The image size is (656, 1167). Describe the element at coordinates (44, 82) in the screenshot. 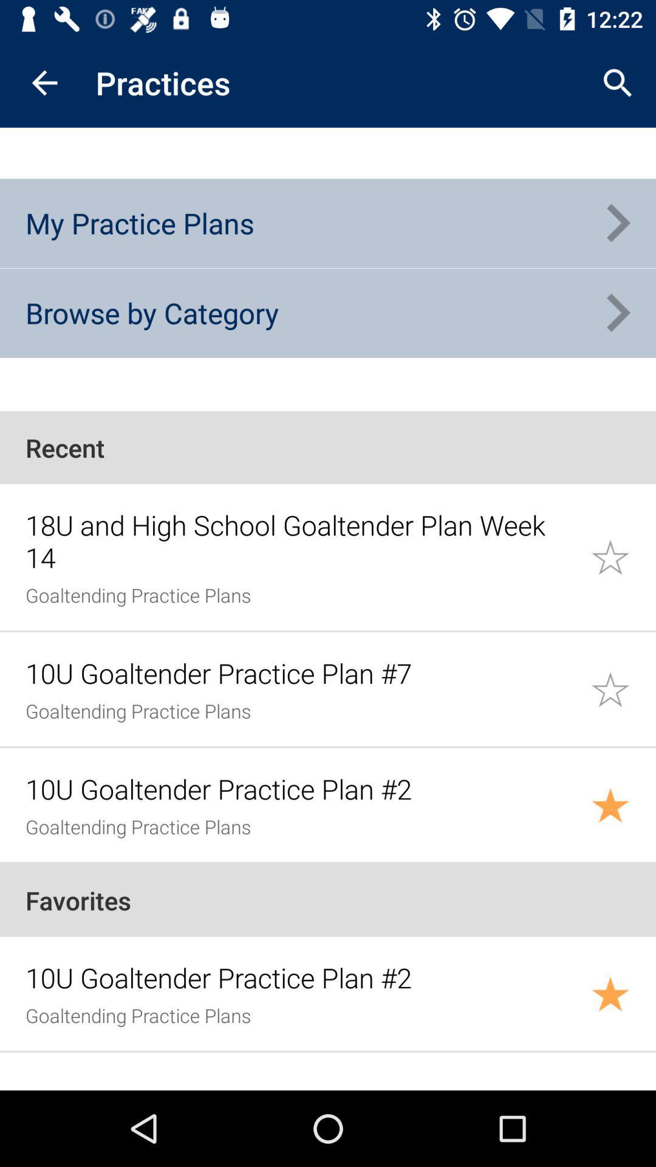

I see `the app to the left of practices` at that location.